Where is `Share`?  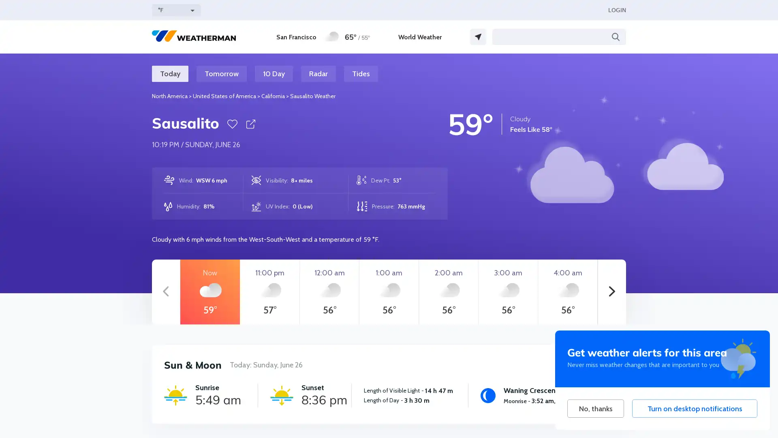
Share is located at coordinates (250, 124).